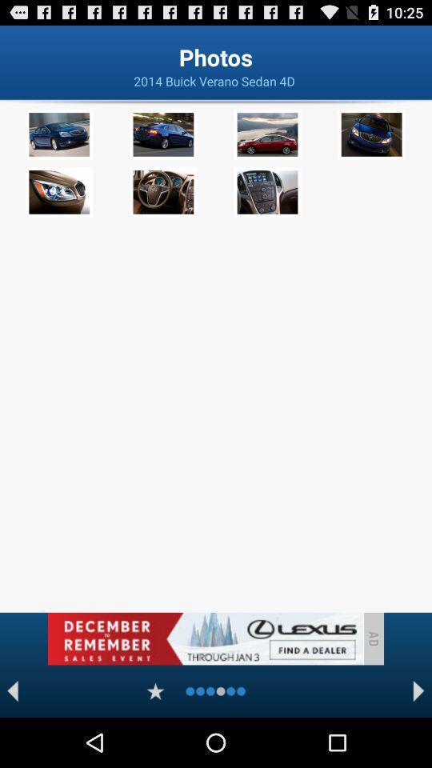 The height and width of the screenshot is (768, 432). I want to click on ratings, so click(155, 690).